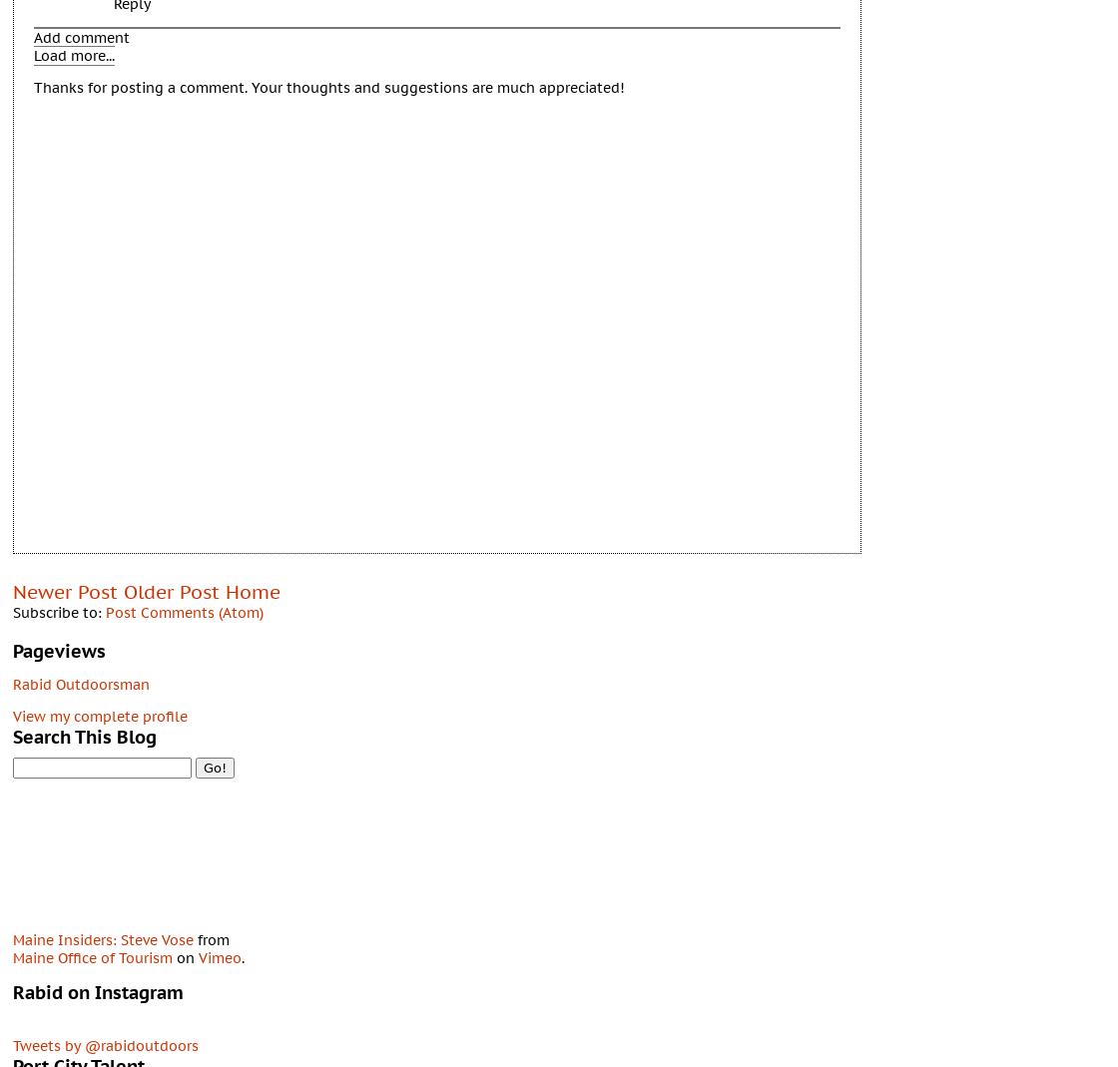 The width and height of the screenshot is (1118, 1067). Describe the element at coordinates (186, 955) in the screenshot. I see `'on'` at that location.